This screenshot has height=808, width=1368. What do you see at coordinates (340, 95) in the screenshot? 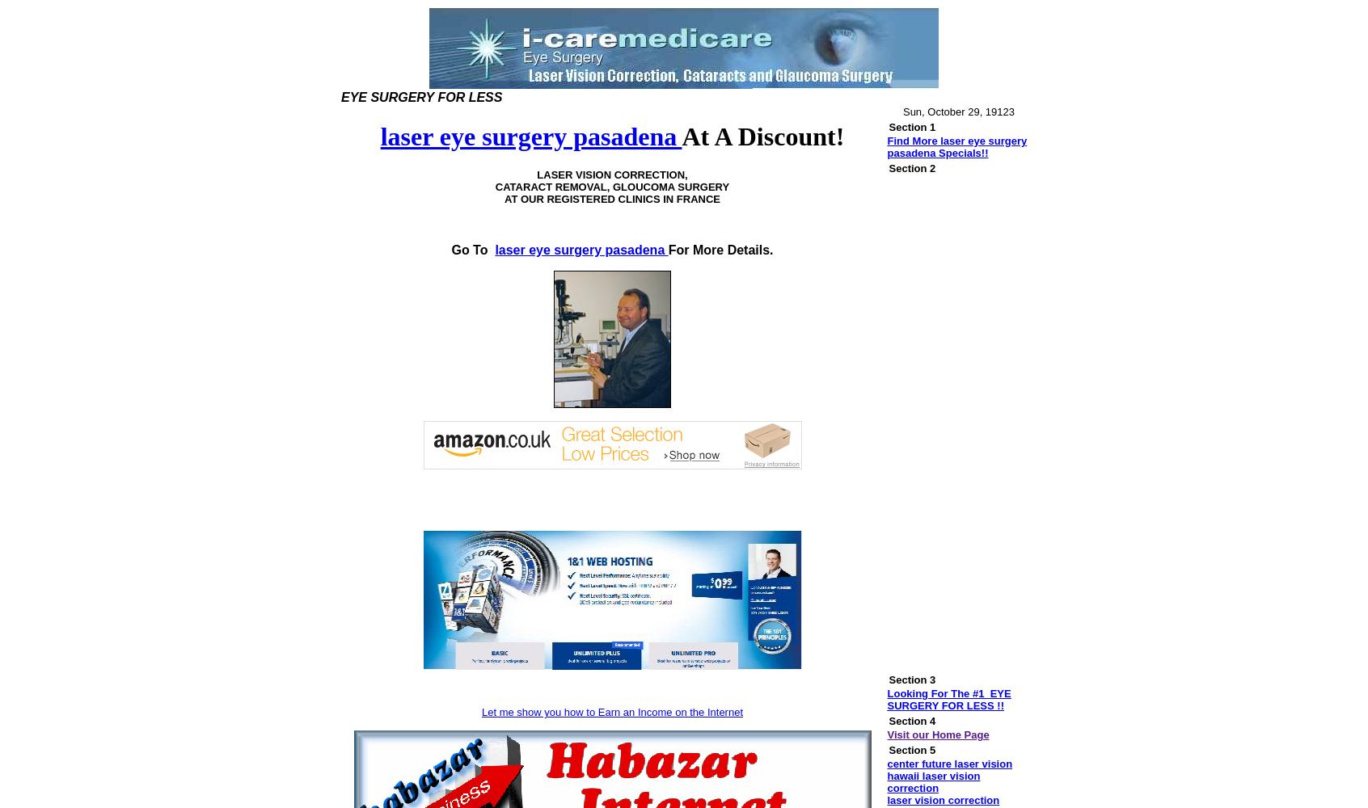
I see `'EYE SURGERY FOR LESS'` at bounding box center [340, 95].